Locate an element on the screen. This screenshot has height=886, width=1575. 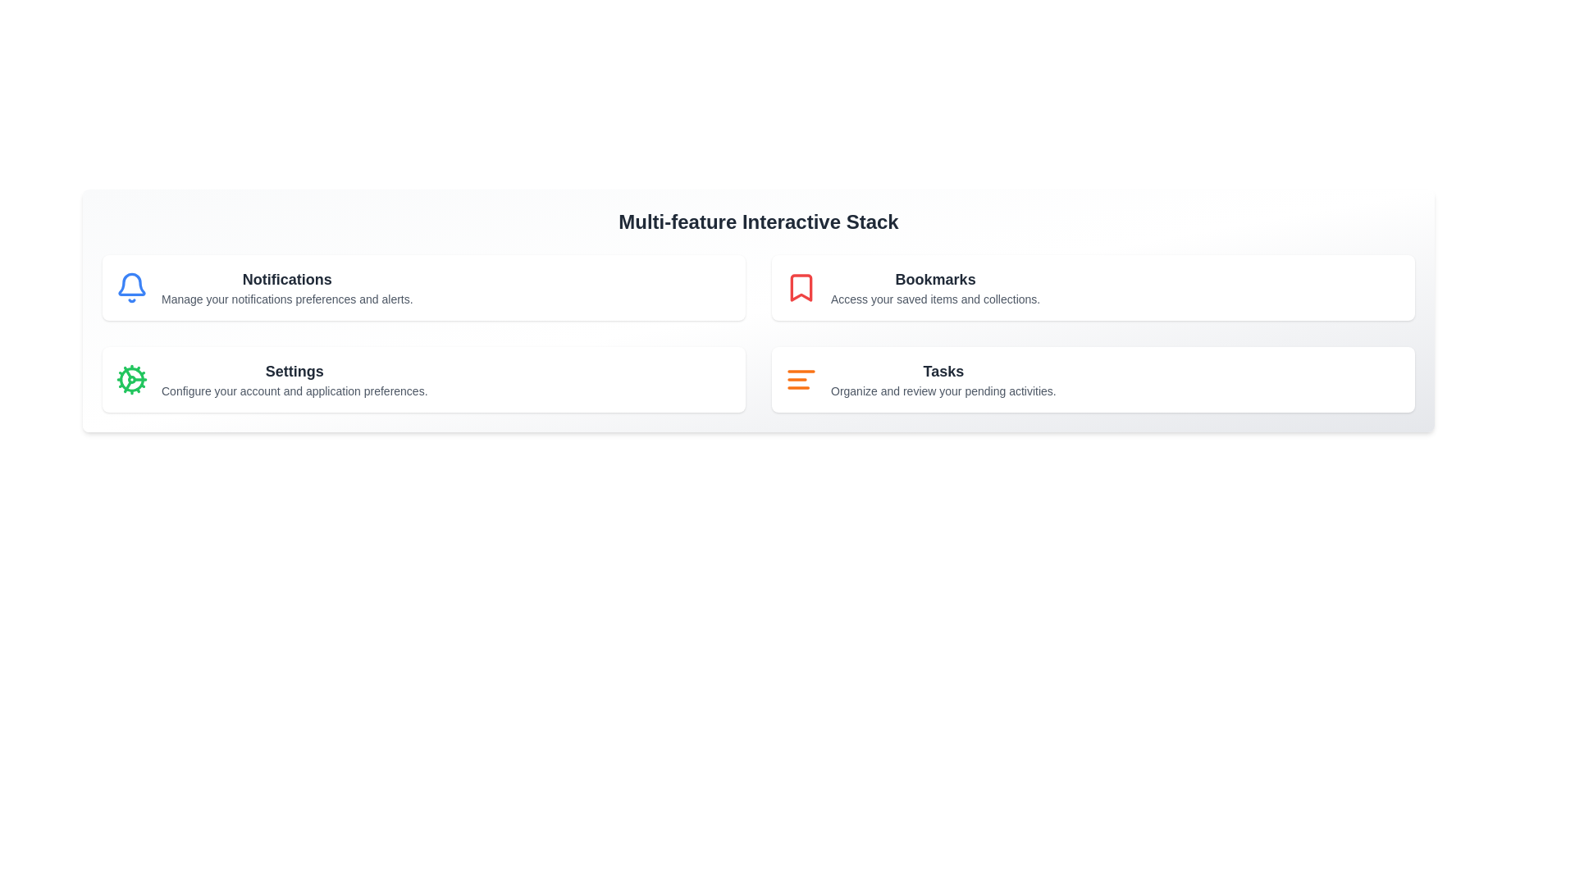
the bold text label 'Bookmarks' located in the top-right quadrant of the user interface, which is styled in a larger font size and a slightly darker tint of gray is located at coordinates (935, 278).